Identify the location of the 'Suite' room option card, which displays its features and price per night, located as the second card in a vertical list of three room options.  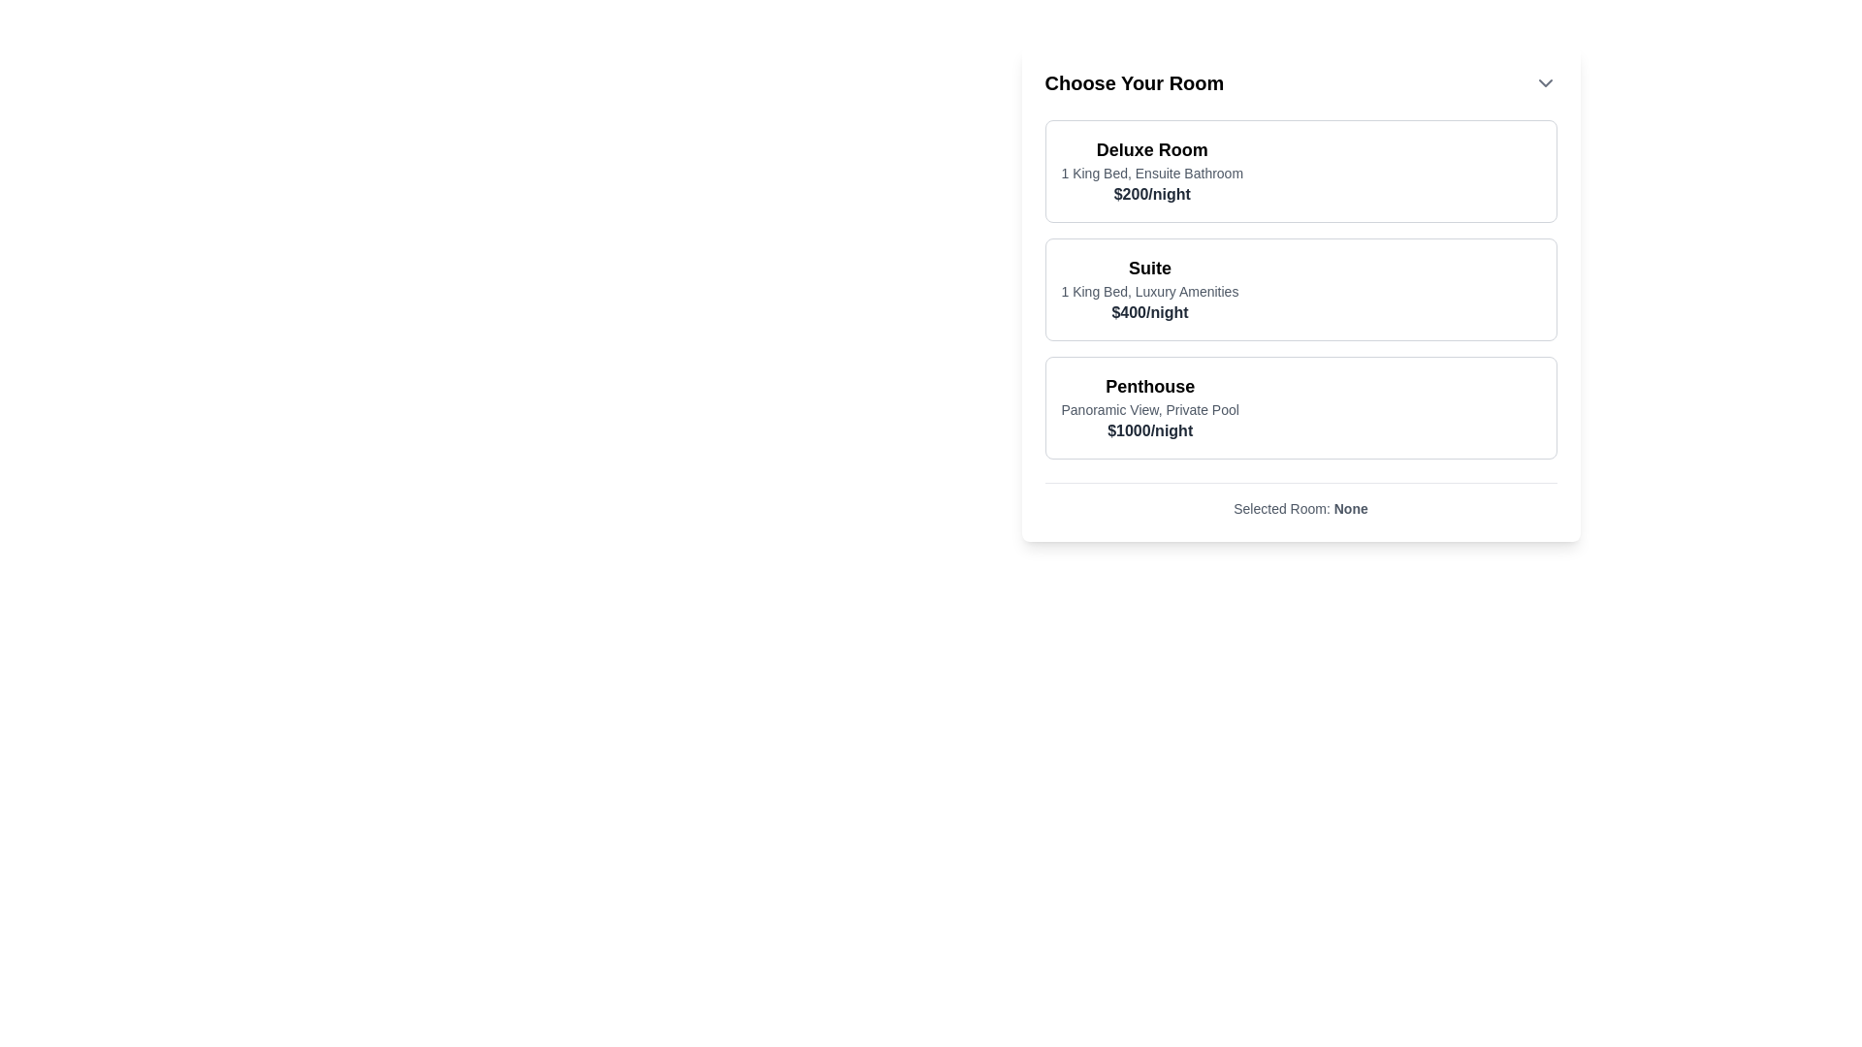
(1300, 290).